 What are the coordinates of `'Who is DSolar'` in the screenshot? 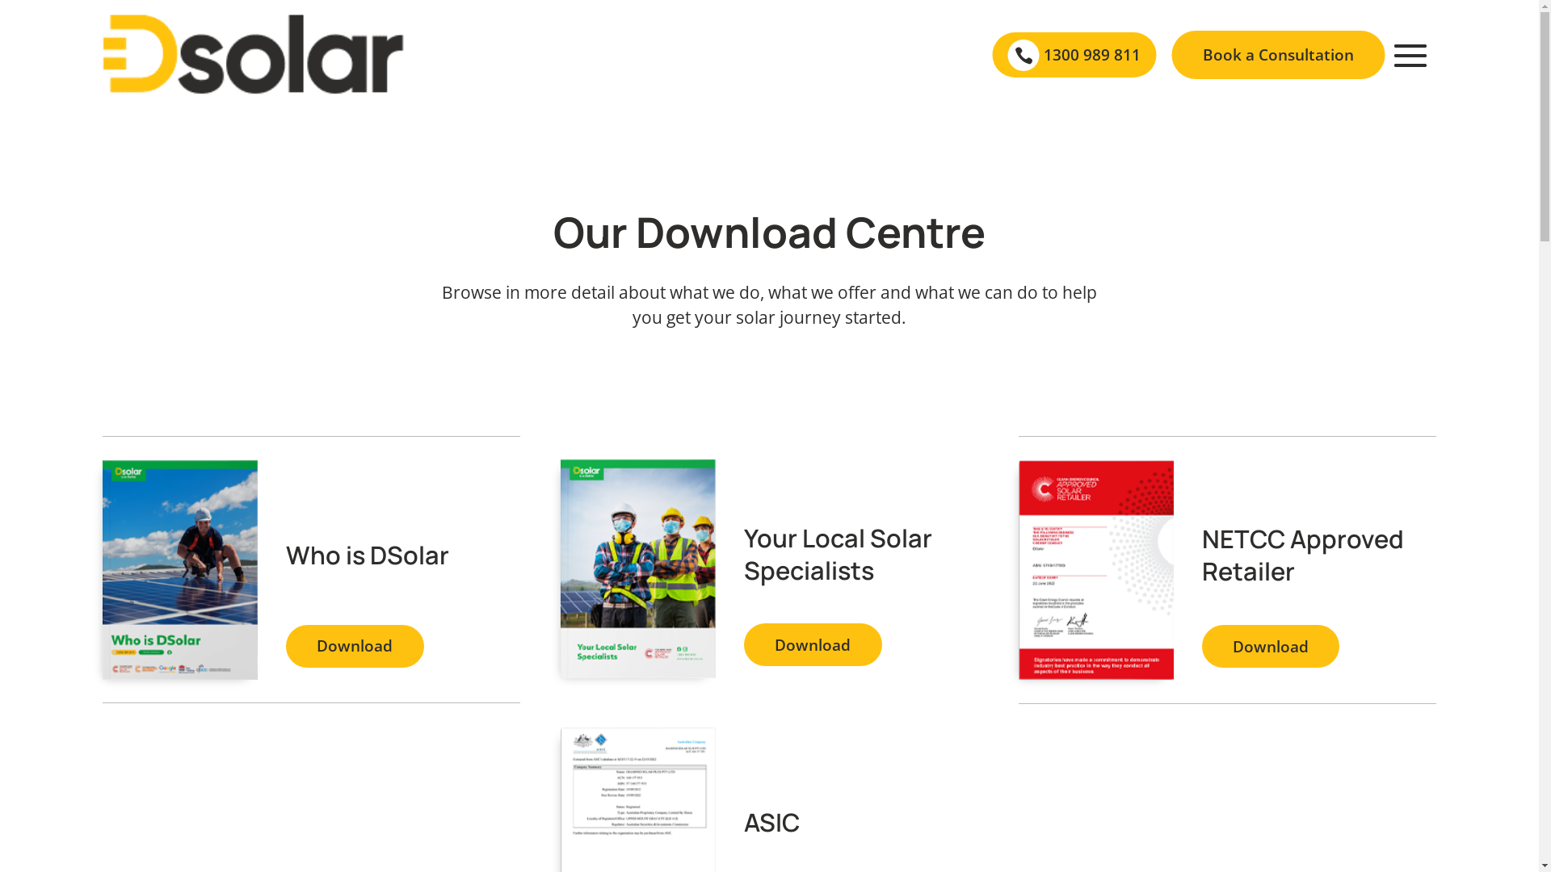 It's located at (367, 553).